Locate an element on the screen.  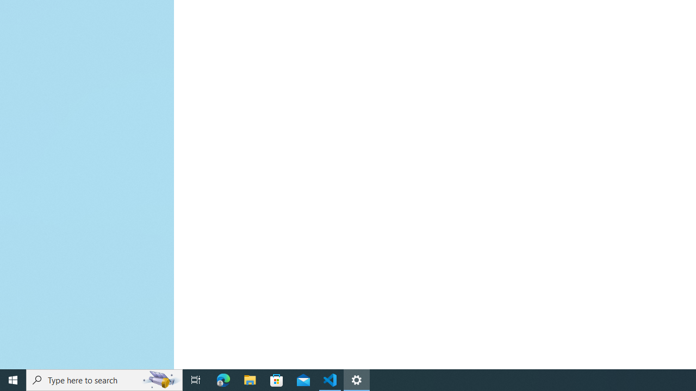
'Microsoft Store' is located at coordinates (277, 379).